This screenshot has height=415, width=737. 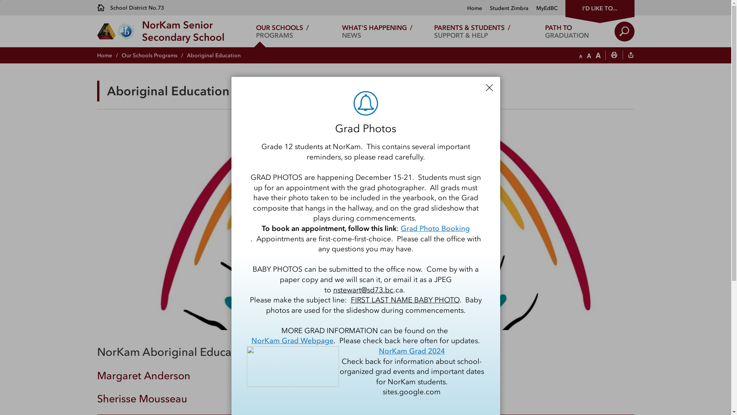 What do you see at coordinates (282, 31) in the screenshot?
I see `'OUR SCHOOLS` at bounding box center [282, 31].